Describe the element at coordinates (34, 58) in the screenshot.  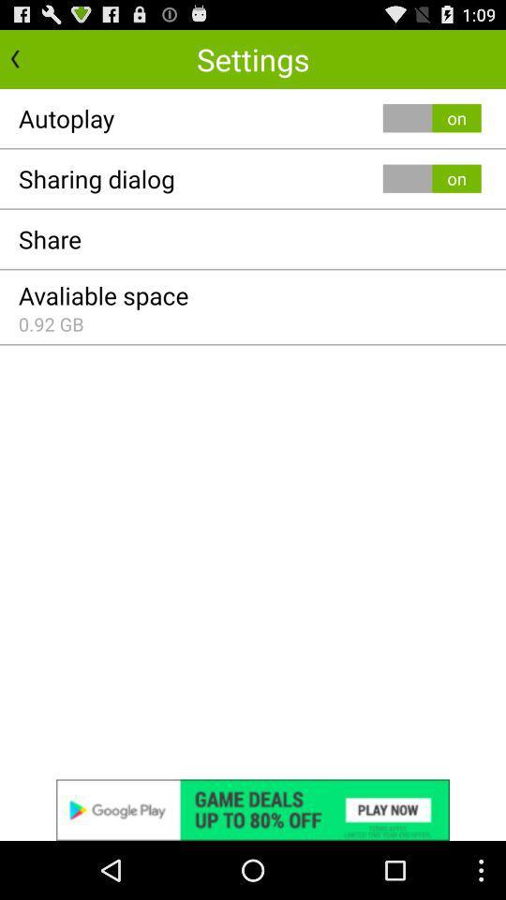
I see `previous the page` at that location.